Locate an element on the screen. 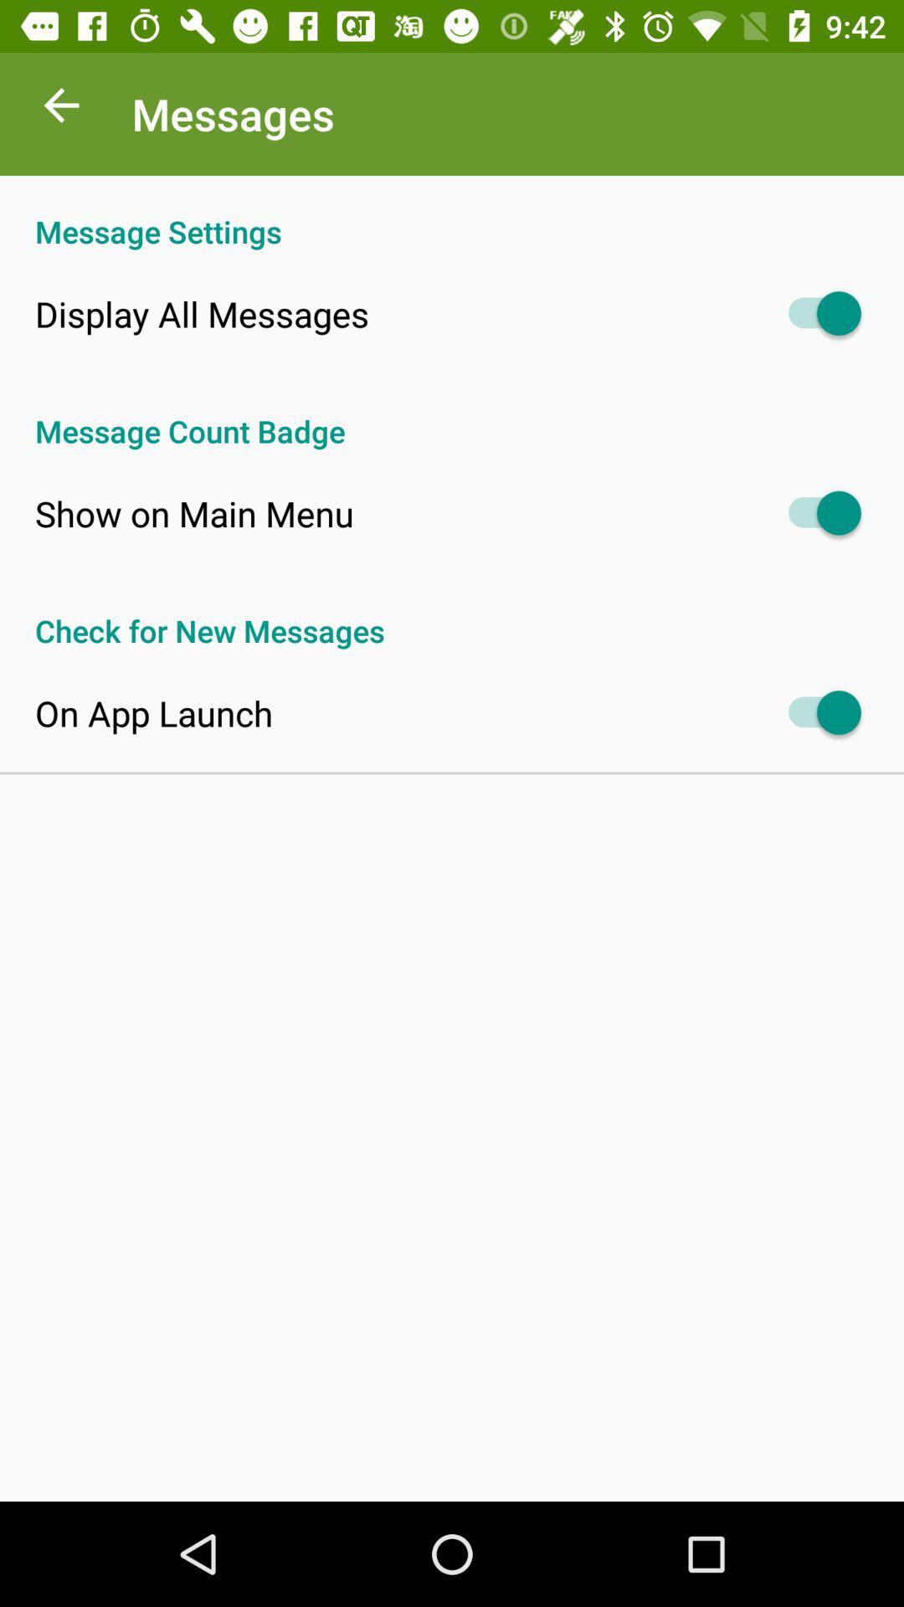  the item above the message settings icon is located at coordinates (60, 109).